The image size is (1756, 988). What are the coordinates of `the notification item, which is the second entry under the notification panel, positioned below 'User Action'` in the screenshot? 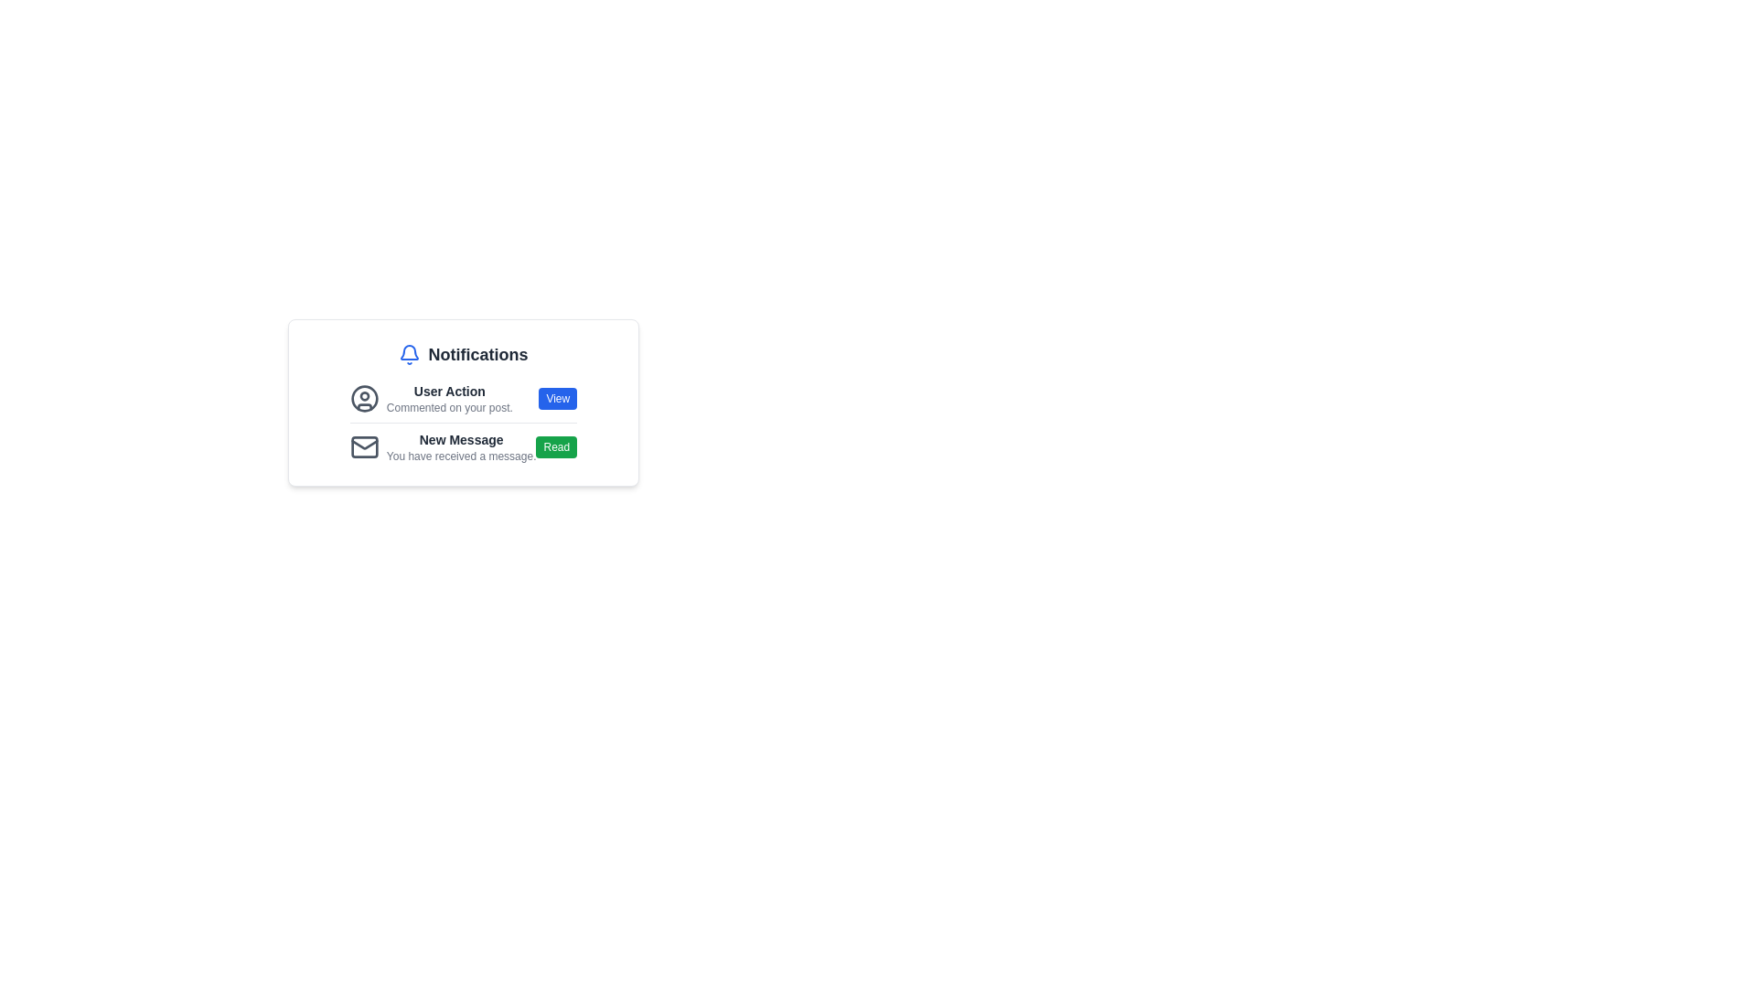 It's located at (443, 447).